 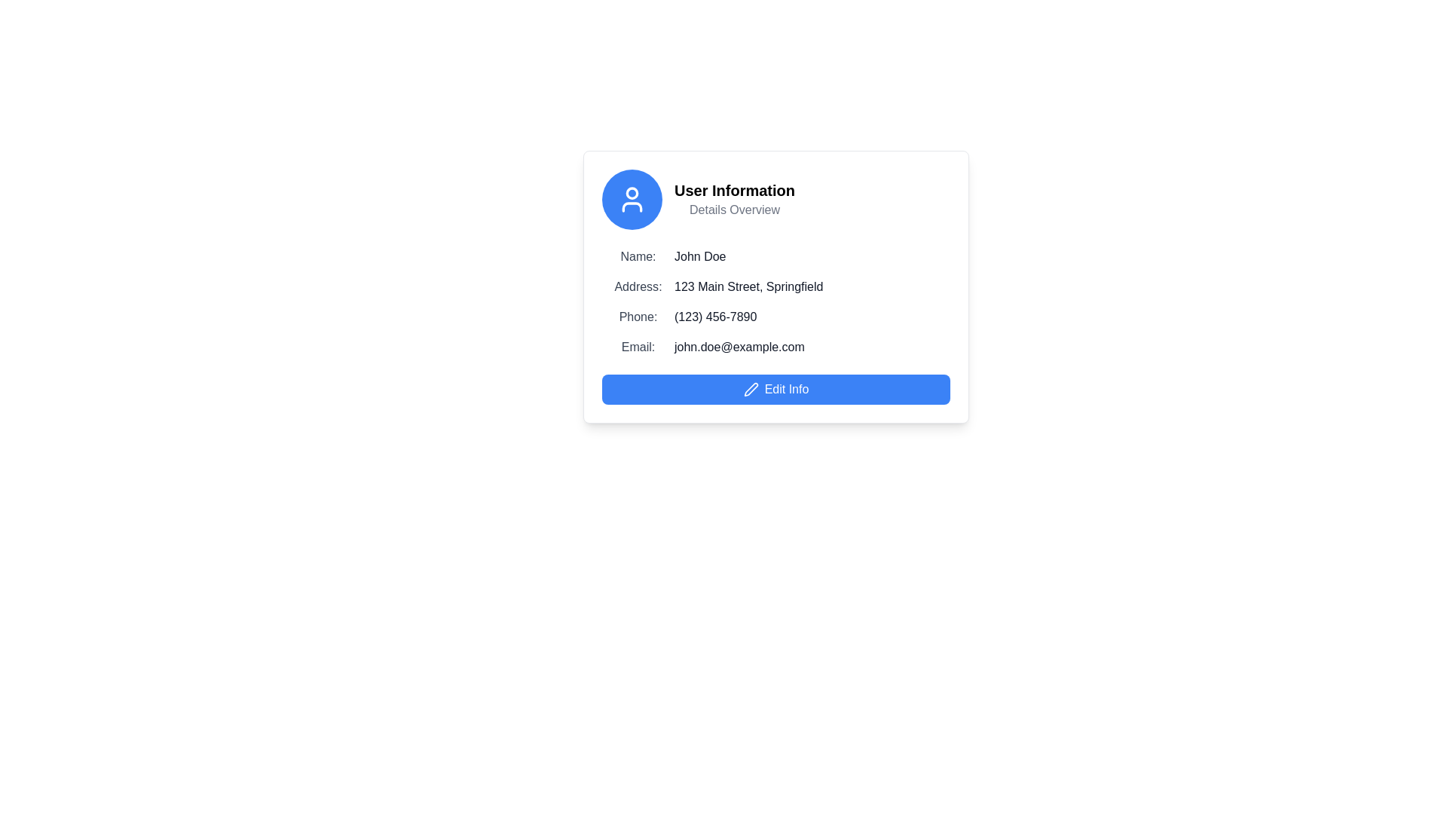 What do you see at coordinates (638, 256) in the screenshot?
I see `the text label that contains the word 'Name:', styled in medium gray font, located in the user information panel below the 'User Information' section` at bounding box center [638, 256].